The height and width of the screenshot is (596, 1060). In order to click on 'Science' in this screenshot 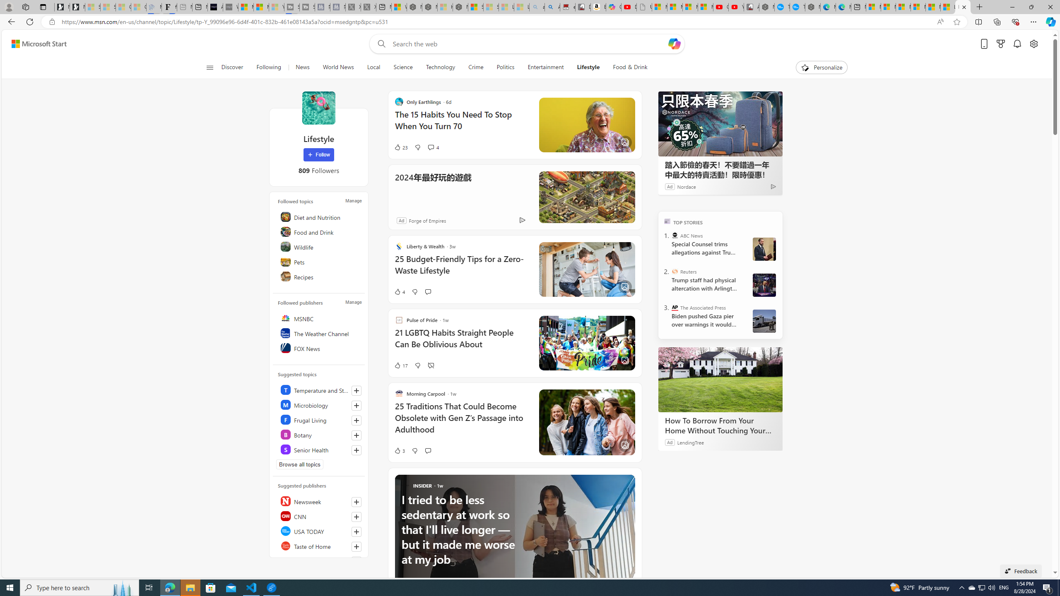, I will do `click(403, 67)`.